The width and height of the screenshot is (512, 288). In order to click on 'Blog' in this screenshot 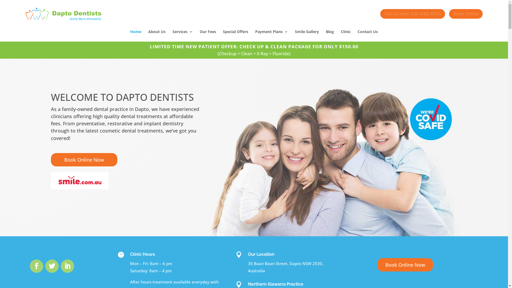, I will do `click(330, 36)`.